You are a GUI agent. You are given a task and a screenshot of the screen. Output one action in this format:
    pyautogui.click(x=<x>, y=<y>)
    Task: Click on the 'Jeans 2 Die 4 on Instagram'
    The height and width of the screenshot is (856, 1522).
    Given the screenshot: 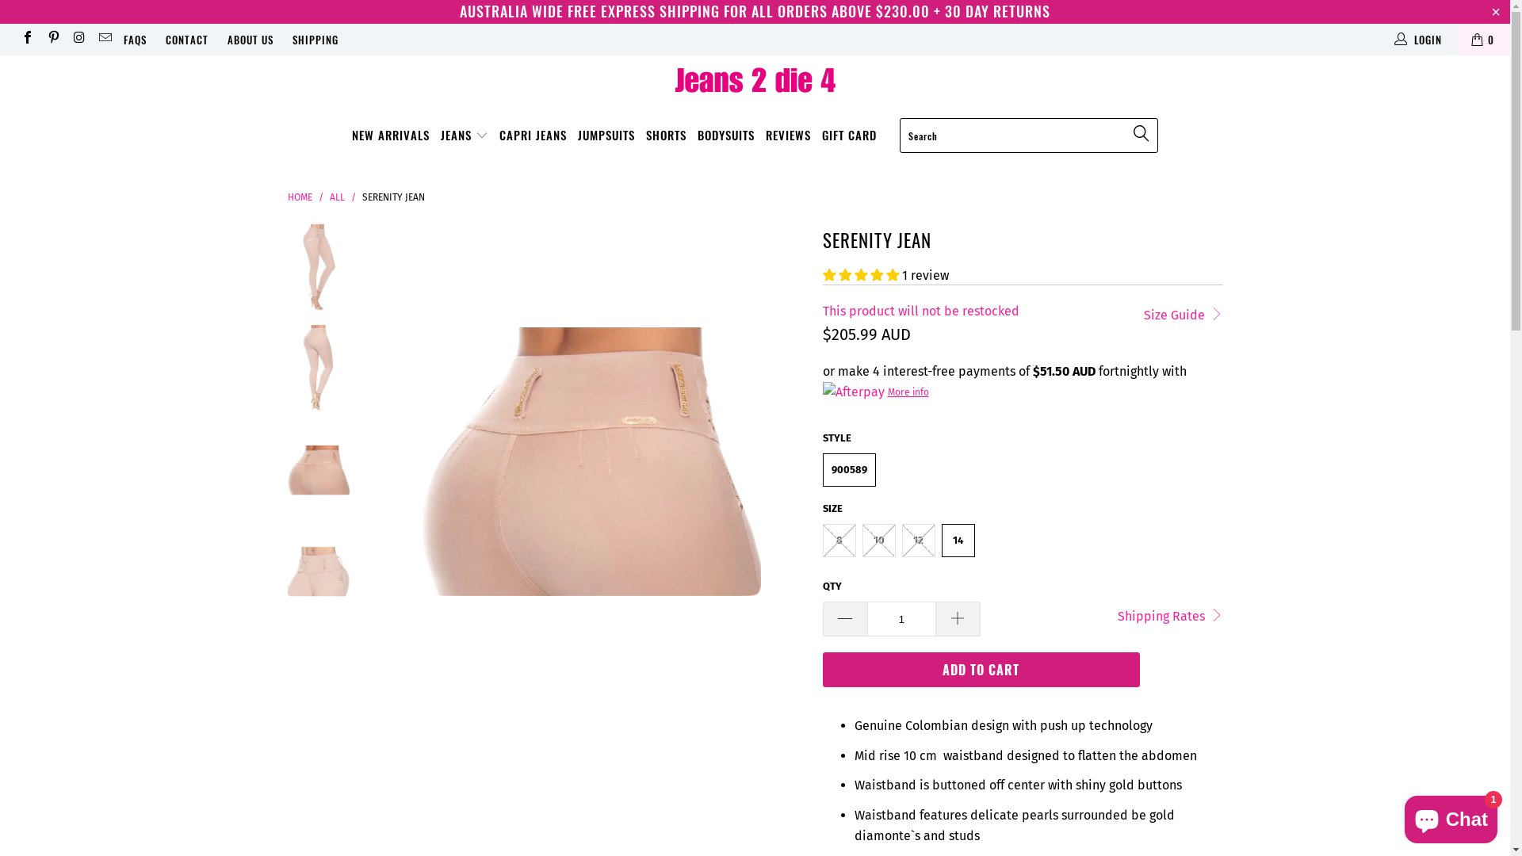 What is the action you would take?
    pyautogui.click(x=78, y=38)
    